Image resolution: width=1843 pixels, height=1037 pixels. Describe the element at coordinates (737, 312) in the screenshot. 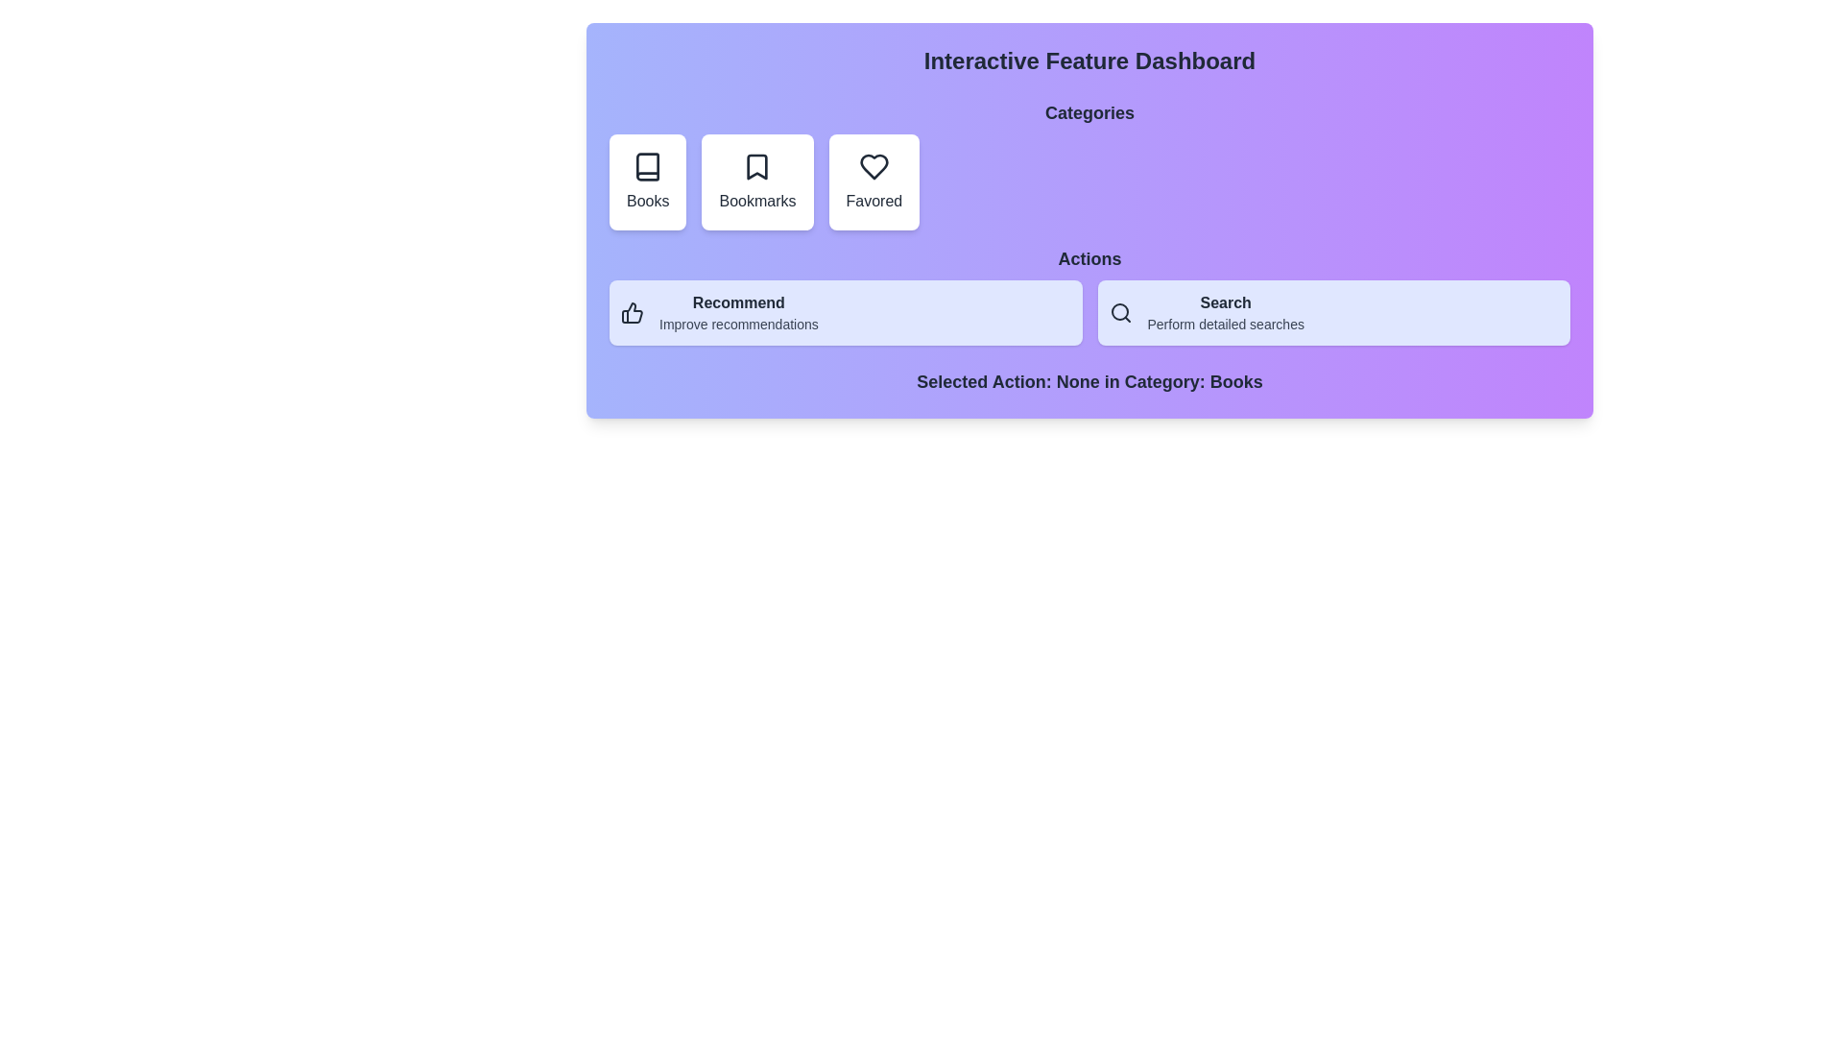

I see `the 'Recommend' button located in the action panel` at that location.